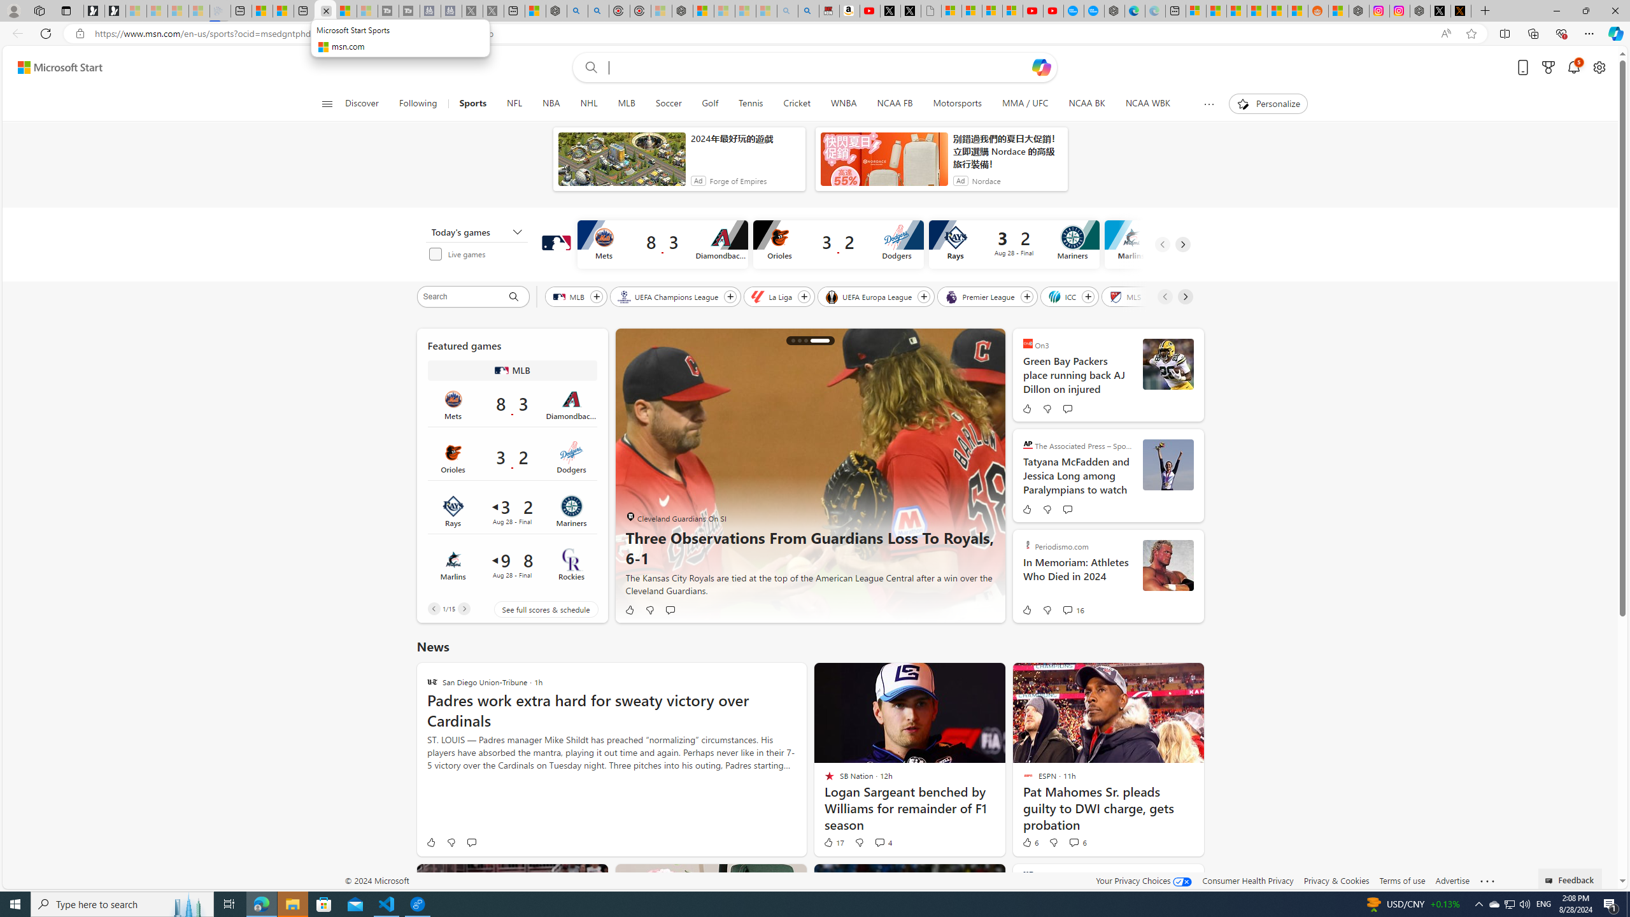 Image resolution: width=1630 pixels, height=917 pixels. Describe the element at coordinates (1086, 103) in the screenshot. I see `'NCAA BK'` at that location.